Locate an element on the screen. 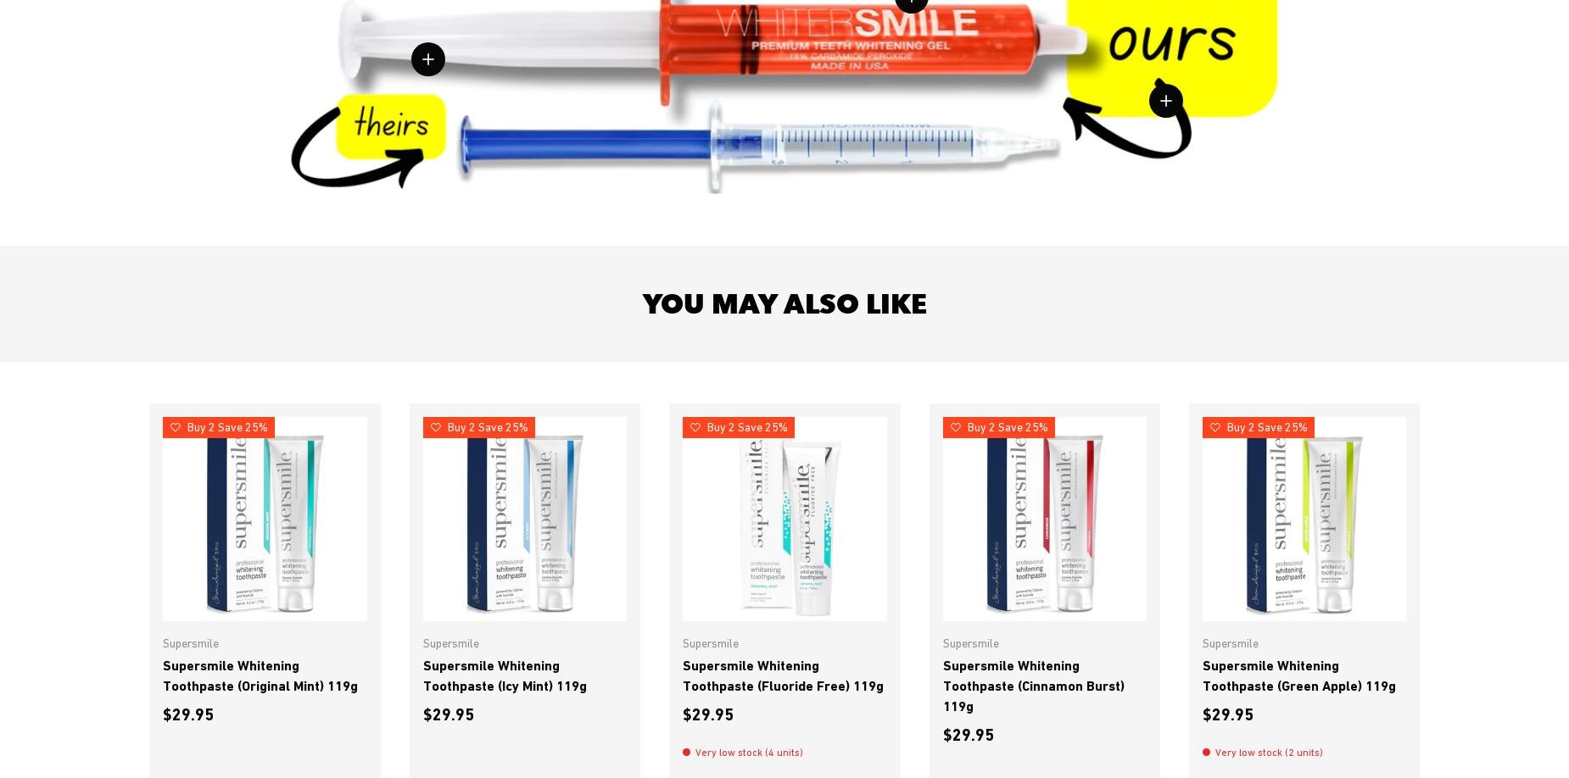 This screenshot has height=778, width=1569. 'Very low stock
(4 units)' is located at coordinates (695, 750).